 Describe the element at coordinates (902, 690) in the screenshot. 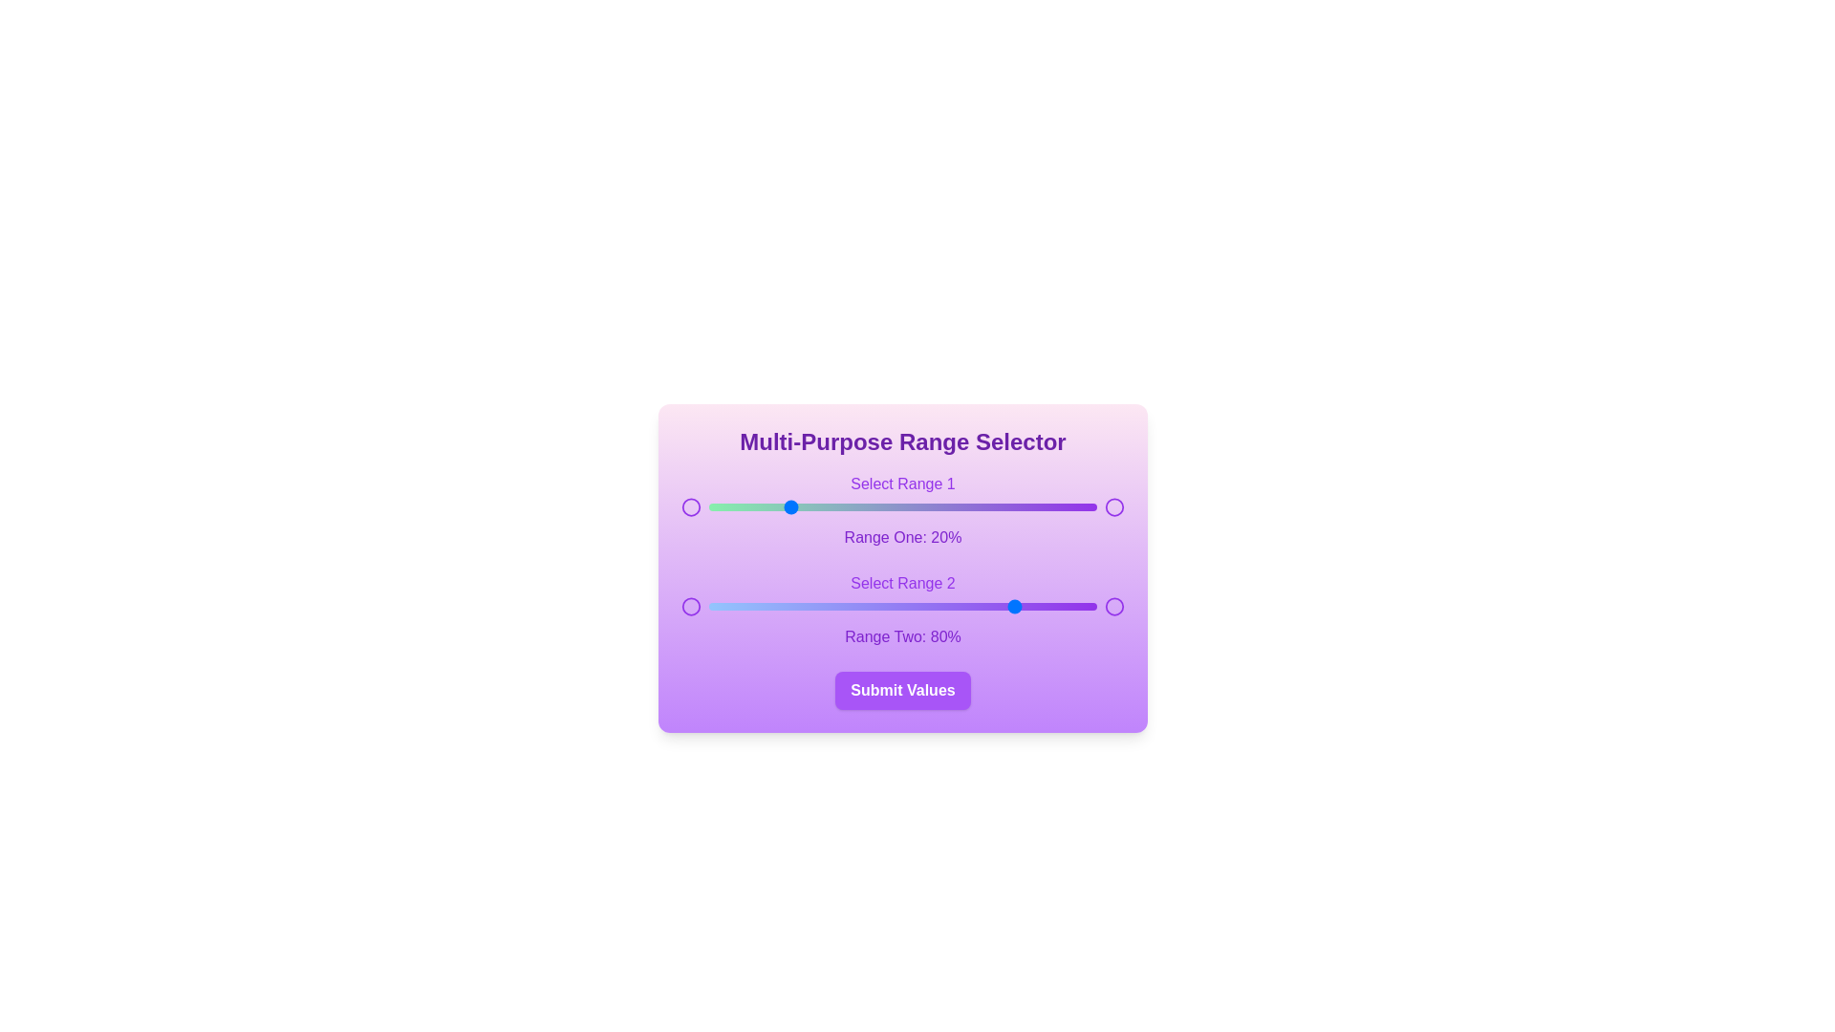

I see `submit button to submit the selected values` at that location.